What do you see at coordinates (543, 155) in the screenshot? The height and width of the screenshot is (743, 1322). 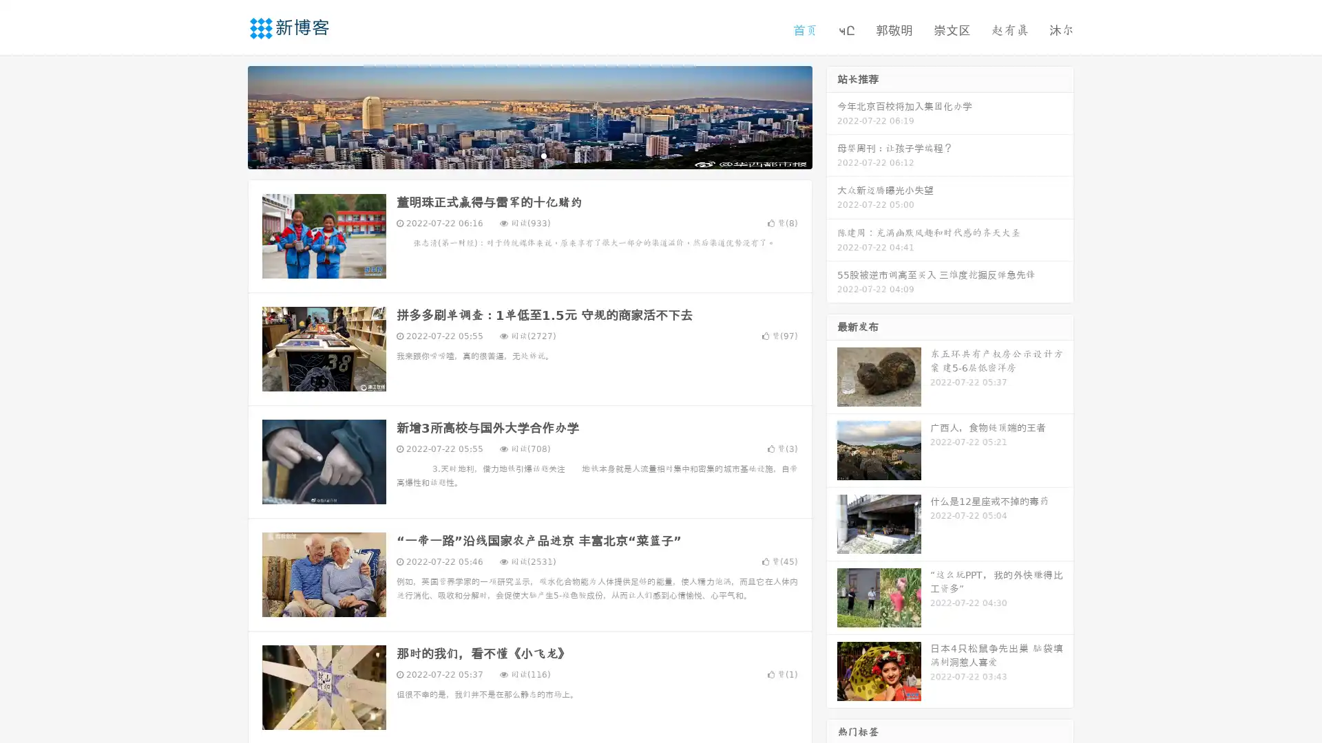 I see `Go to slide 3` at bounding box center [543, 155].